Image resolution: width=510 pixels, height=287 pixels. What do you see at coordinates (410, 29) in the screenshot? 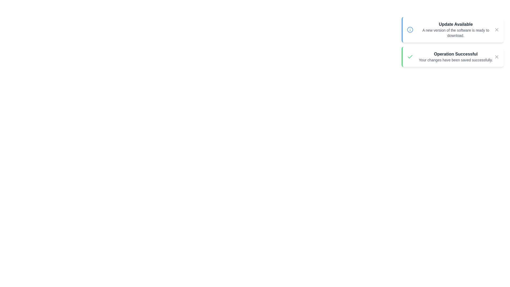
I see `the circular blue icon that serves as a visual indicator for the 'Update Available' notification message, located near the top right of the interface` at bounding box center [410, 29].